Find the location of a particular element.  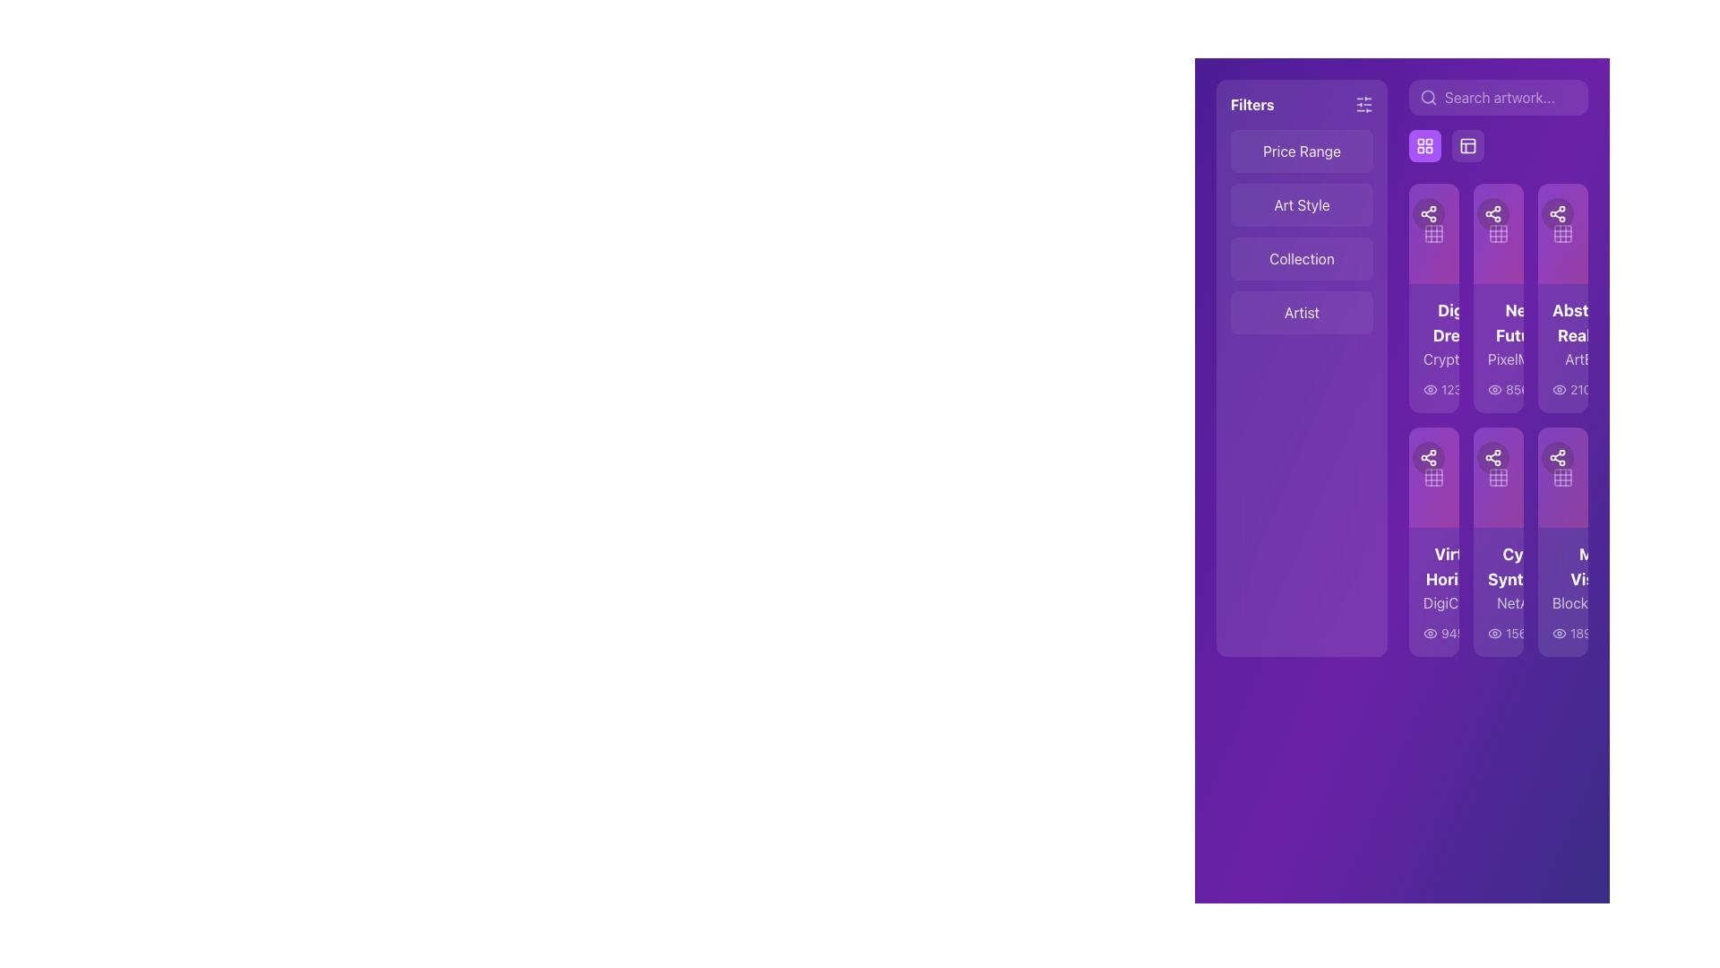

the 'Artist' filter button, which is the fourth option in the vertically arranged list of filters on the left-side menu, to apply the filter is located at coordinates (1302, 311).